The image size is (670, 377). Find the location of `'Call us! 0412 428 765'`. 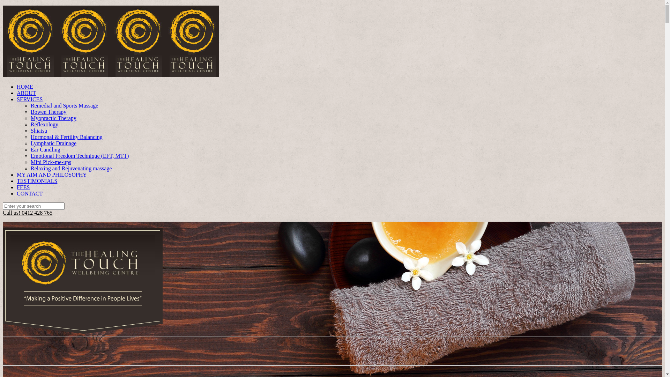

'Call us! 0412 428 765' is located at coordinates (27, 212).